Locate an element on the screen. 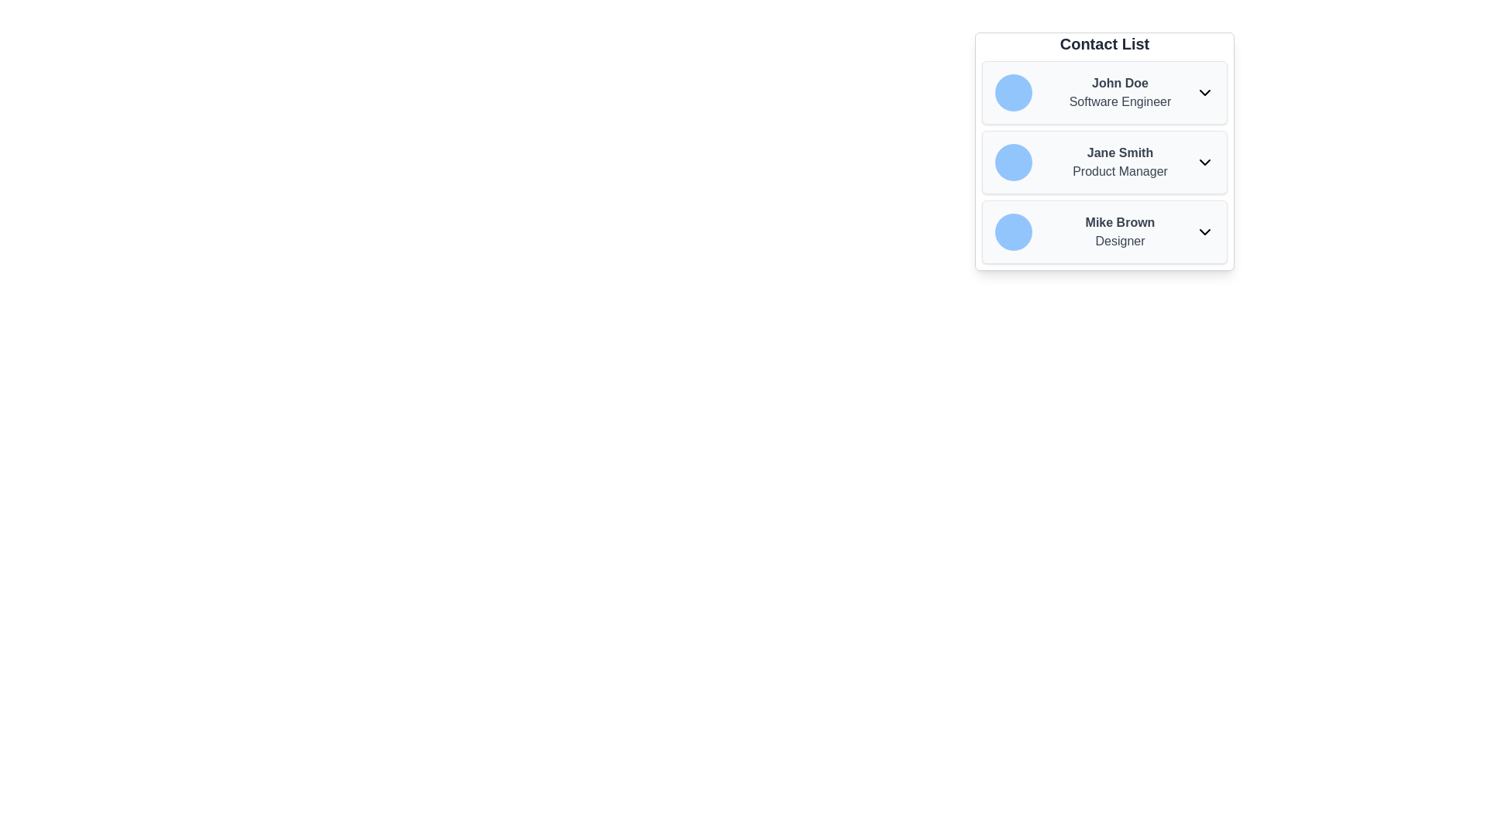 This screenshot has height=836, width=1487. text of the main label for the contact 'Mike Brown' in the contact list, which is located above the text 'Designer' and to the right of the blue circular avatar is located at coordinates (1120, 223).